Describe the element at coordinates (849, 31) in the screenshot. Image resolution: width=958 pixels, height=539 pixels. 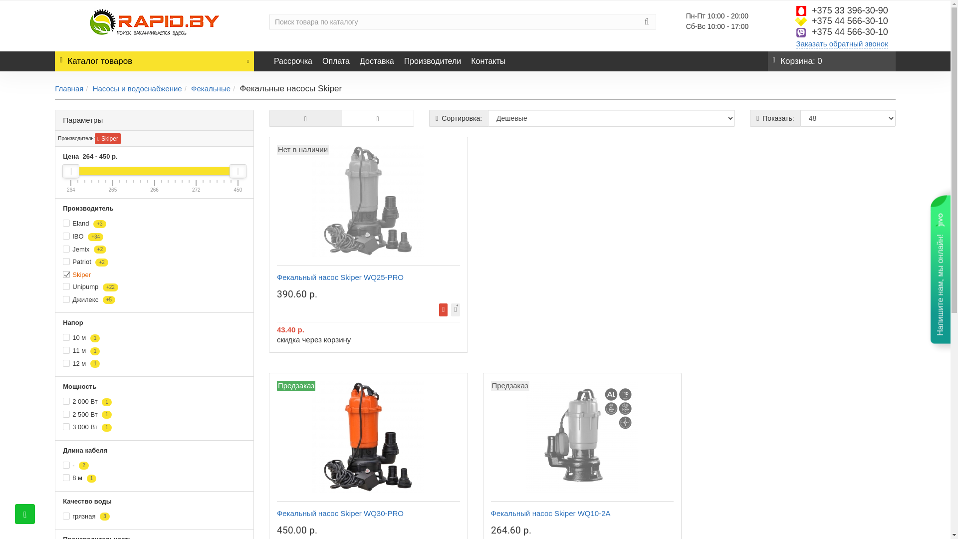
I see `'+375 44 566-30-10'` at that location.